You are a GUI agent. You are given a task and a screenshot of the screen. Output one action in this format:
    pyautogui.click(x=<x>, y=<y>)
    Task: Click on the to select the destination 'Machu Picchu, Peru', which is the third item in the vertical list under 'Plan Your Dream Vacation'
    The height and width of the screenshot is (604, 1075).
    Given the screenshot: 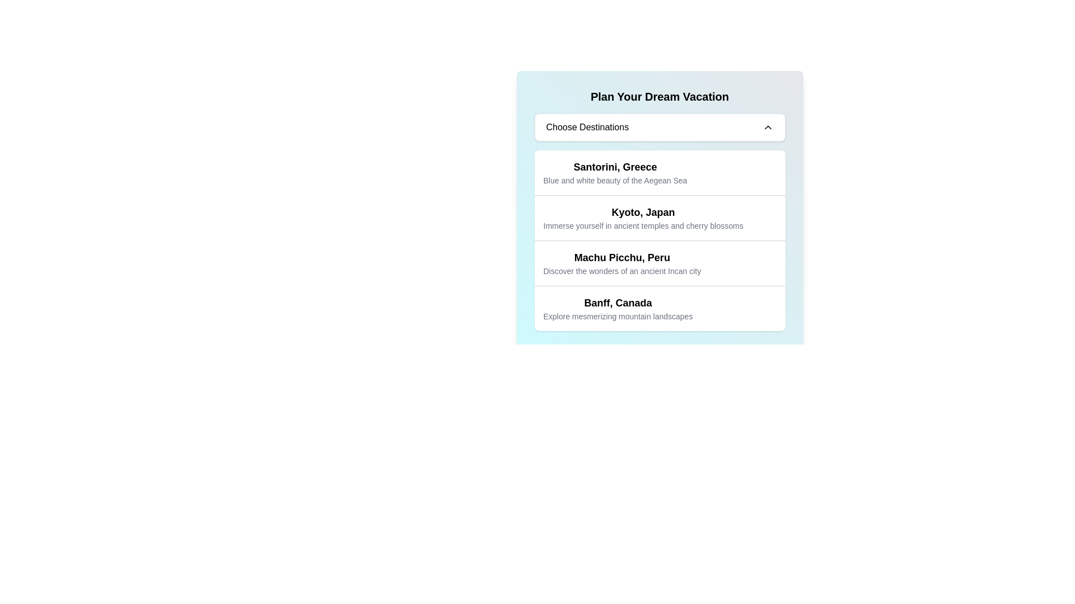 What is the action you would take?
    pyautogui.click(x=660, y=263)
    